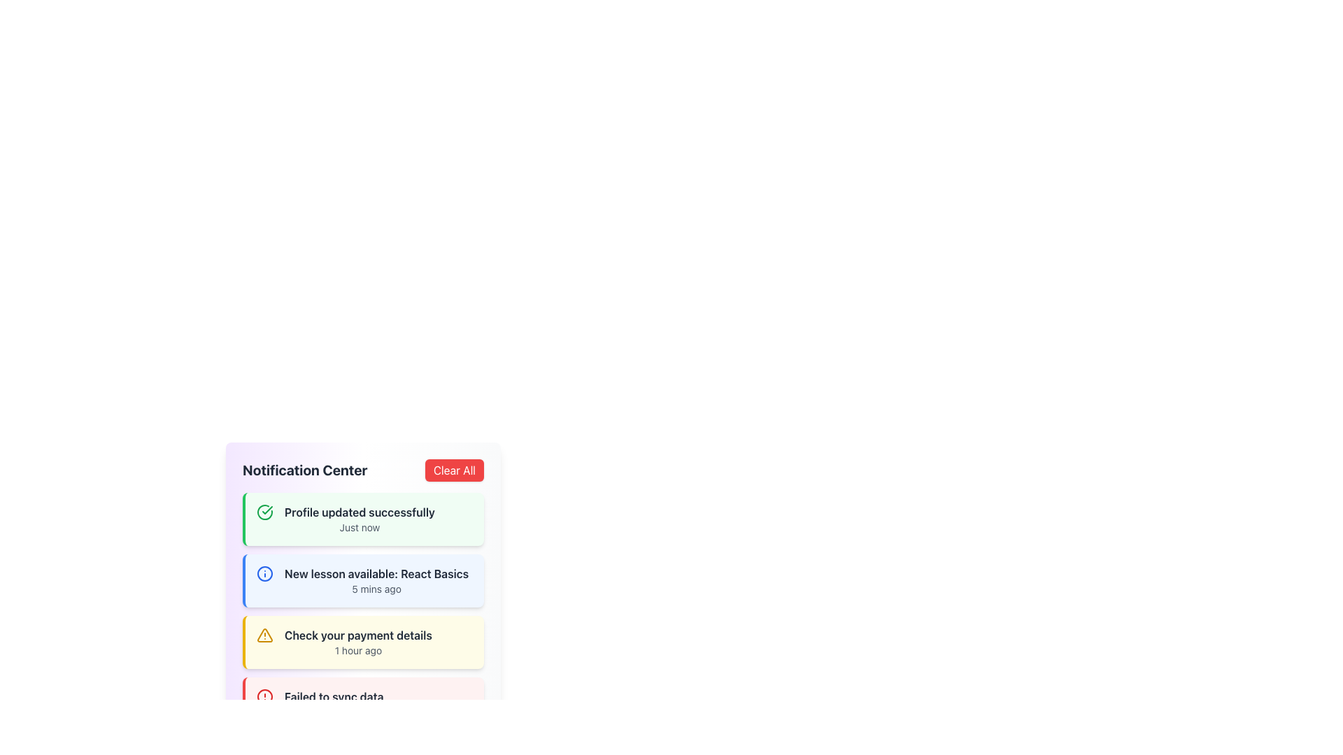 The height and width of the screenshot is (755, 1343). What do you see at coordinates (265, 635) in the screenshot?
I see `the yellow warning triangle icon located in the lower right segment of the interface, next to the notification titled 'Check your payment details.'` at bounding box center [265, 635].